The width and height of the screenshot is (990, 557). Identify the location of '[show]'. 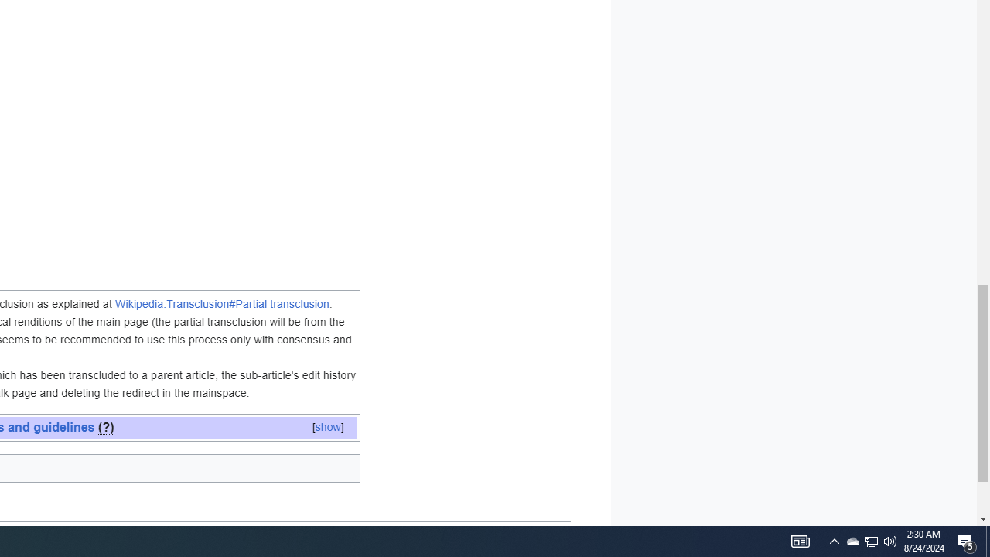
(327, 427).